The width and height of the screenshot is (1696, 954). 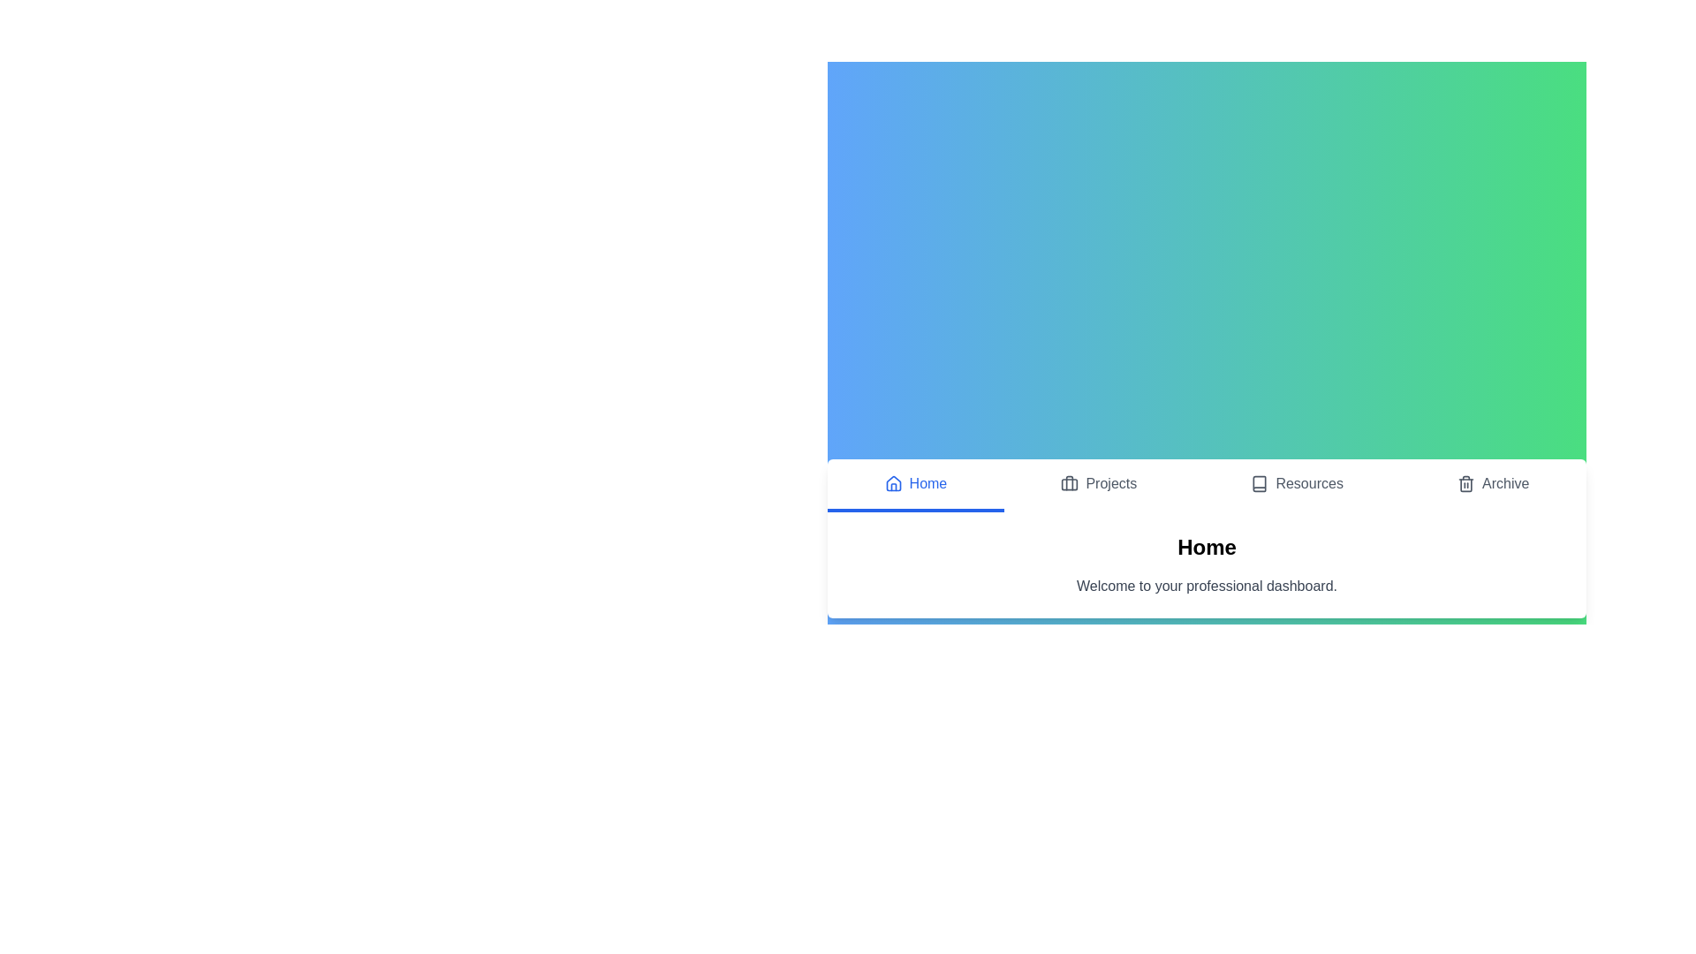 I want to click on the icon of the Resources tab, so click(x=1259, y=483).